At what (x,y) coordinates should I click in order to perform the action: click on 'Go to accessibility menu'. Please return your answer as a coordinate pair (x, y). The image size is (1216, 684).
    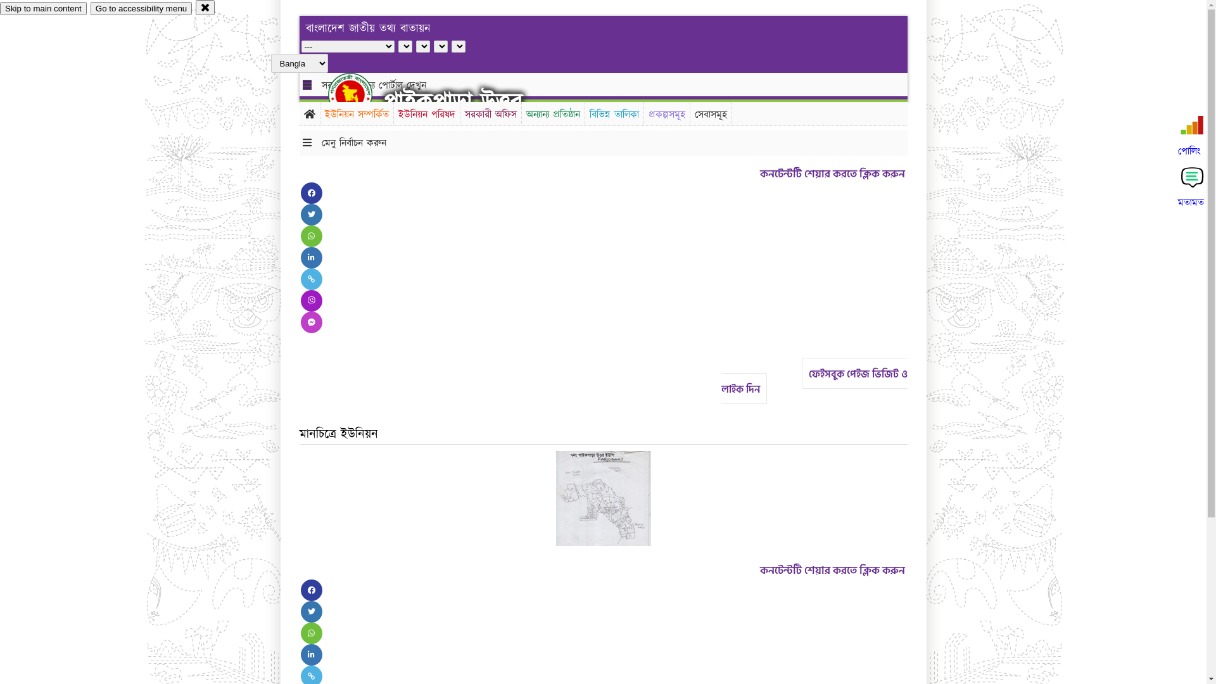
    Looking at the image, I should click on (141, 8).